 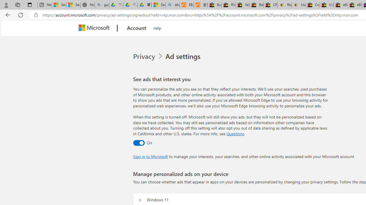 What do you see at coordinates (95, 28) in the screenshot?
I see `'Microsoft'` at bounding box center [95, 28].